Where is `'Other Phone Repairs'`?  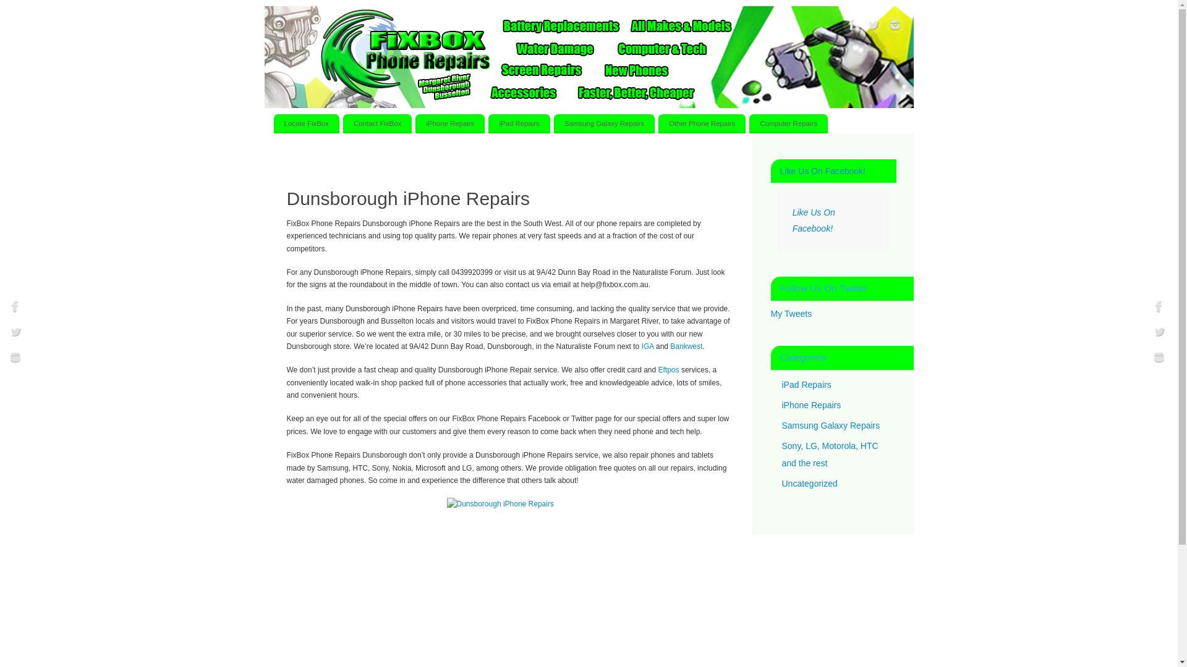 'Other Phone Repairs' is located at coordinates (658, 124).